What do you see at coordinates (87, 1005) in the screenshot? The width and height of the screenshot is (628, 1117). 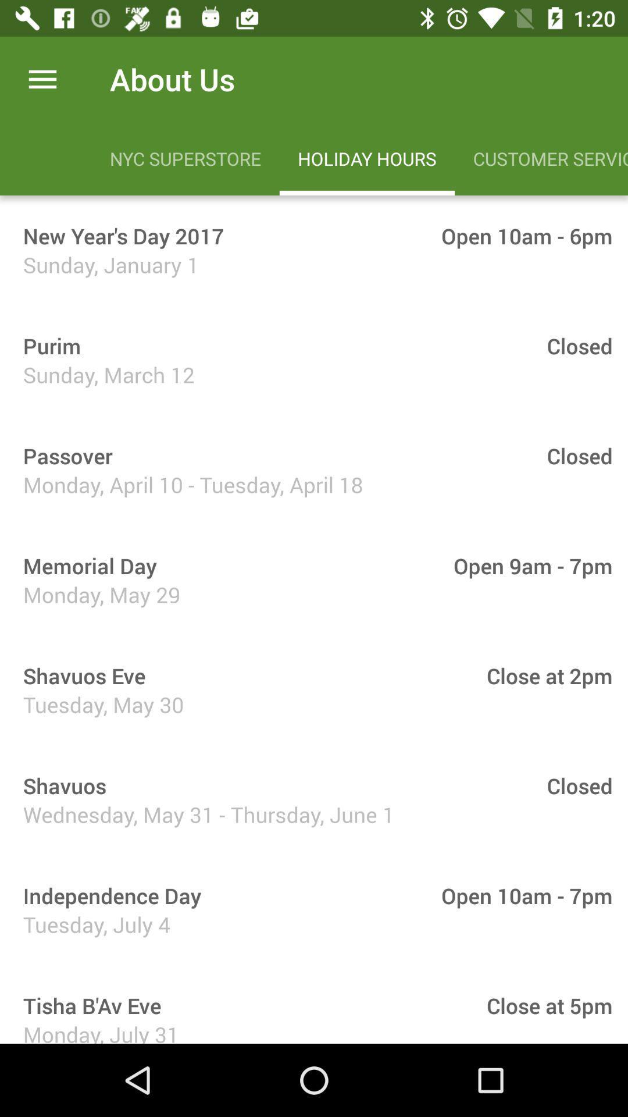 I see `the item next to close at 5pm item` at bounding box center [87, 1005].